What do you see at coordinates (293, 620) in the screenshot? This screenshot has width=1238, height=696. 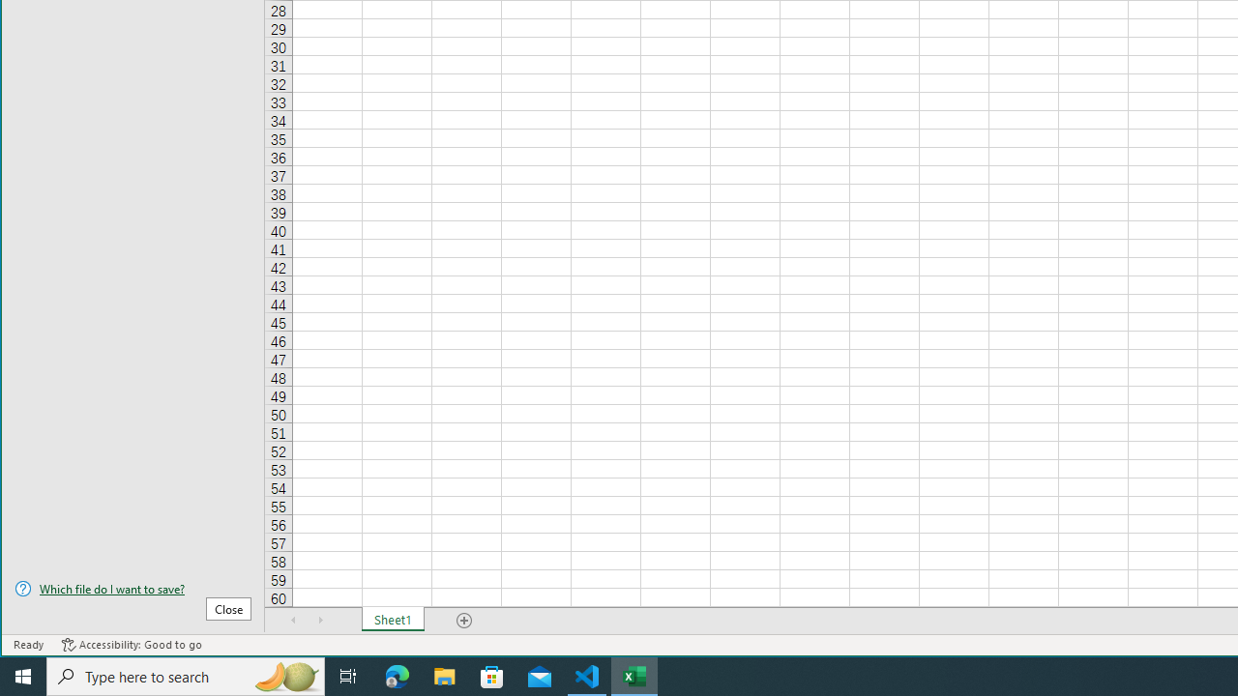 I see `'Scroll Left'` at bounding box center [293, 620].